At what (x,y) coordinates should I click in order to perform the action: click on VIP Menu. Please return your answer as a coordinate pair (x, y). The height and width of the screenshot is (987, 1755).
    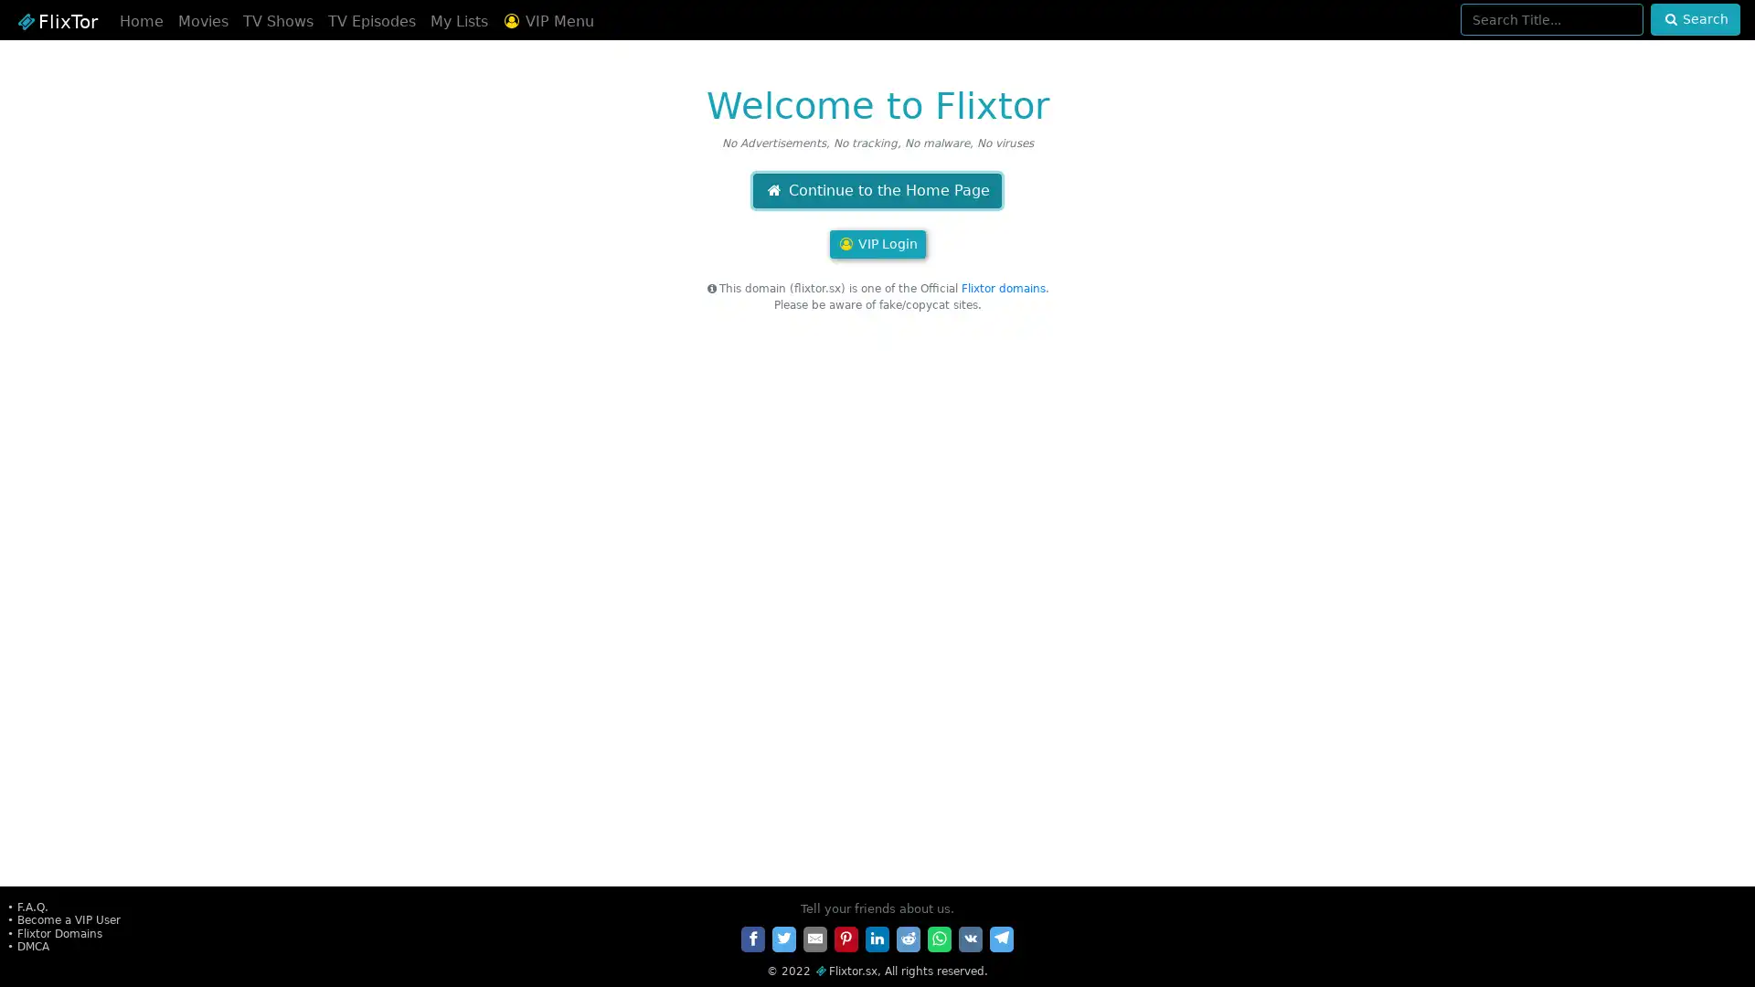
    Looking at the image, I should click on (547, 21).